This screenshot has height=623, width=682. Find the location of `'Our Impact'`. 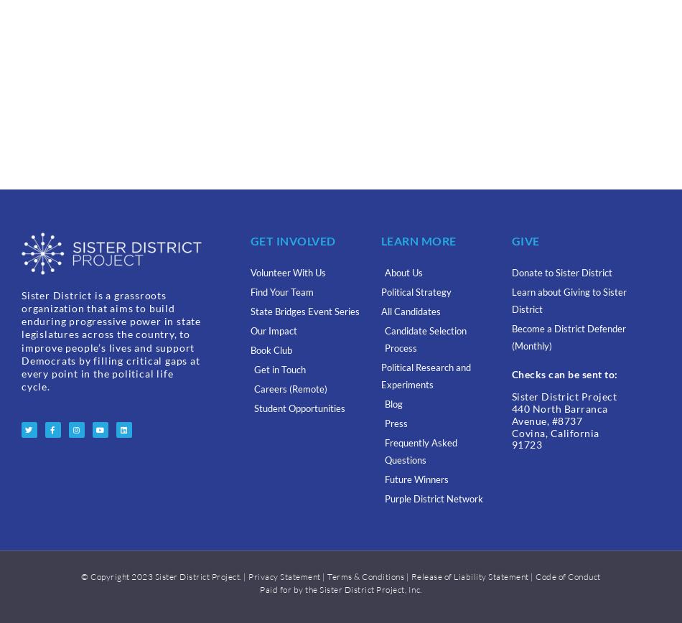

'Our Impact' is located at coordinates (272, 330).